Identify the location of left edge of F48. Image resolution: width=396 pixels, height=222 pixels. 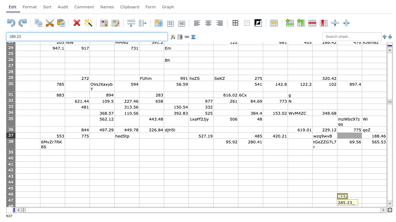
(139, 206).